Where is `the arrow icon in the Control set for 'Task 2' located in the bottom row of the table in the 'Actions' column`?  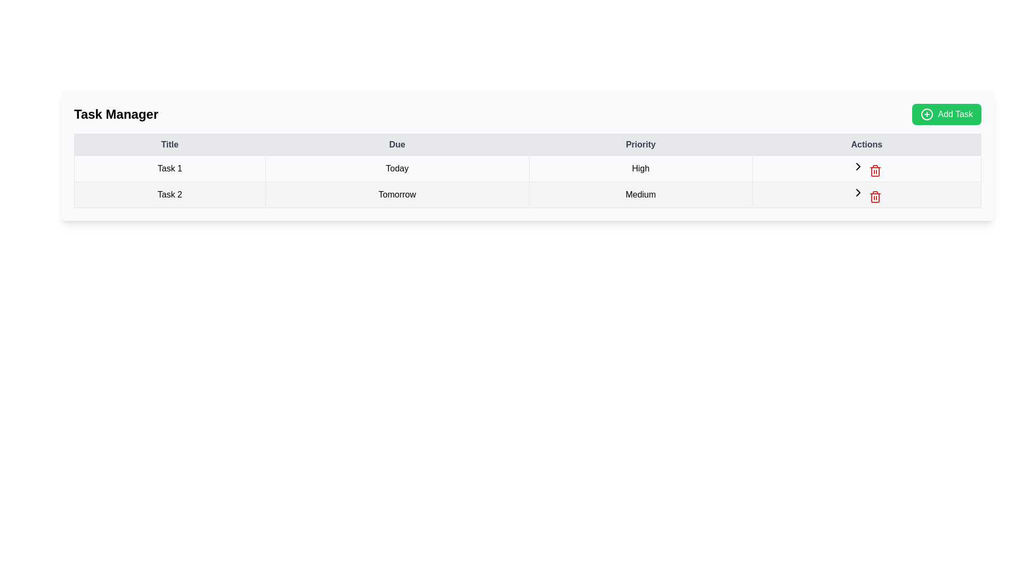 the arrow icon in the Control set for 'Task 2' located in the bottom row of the table in the 'Actions' column is located at coordinates (866, 194).